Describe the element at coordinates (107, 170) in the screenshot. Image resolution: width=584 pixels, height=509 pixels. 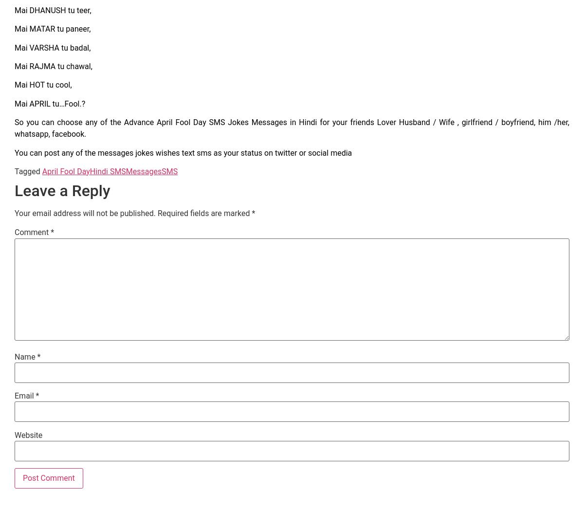
I see `'Hindi SMS'` at that location.